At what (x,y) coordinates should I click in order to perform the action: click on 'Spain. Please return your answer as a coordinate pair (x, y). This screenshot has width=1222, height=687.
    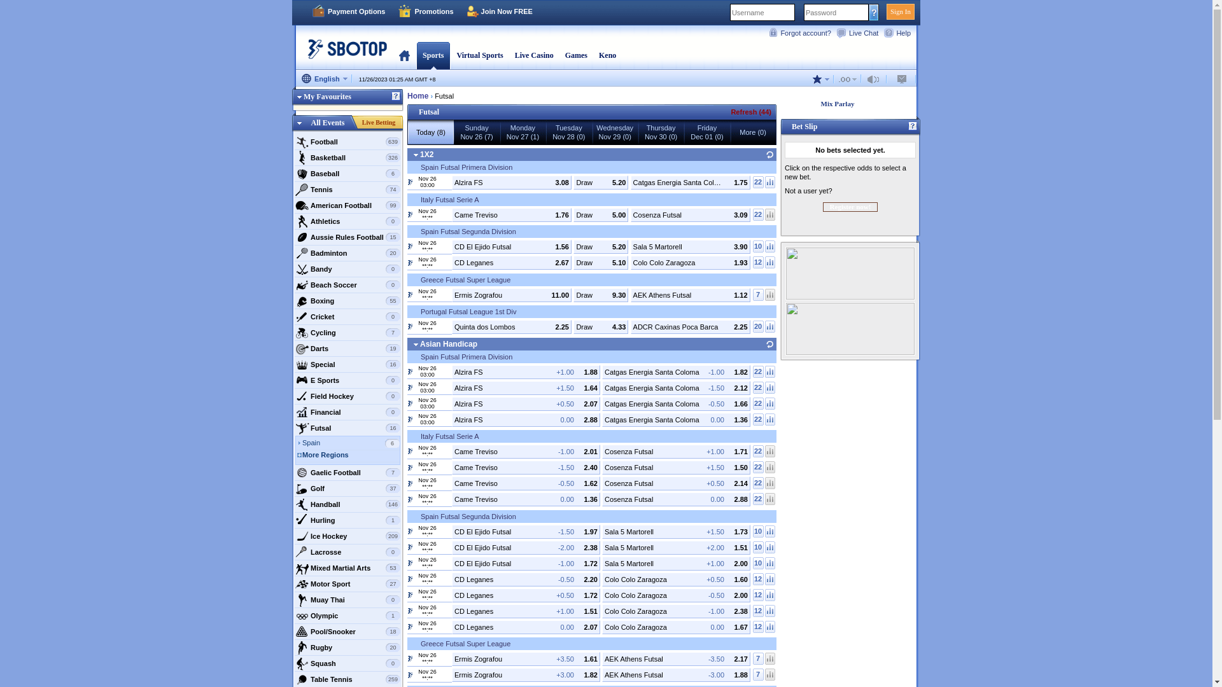
    Looking at the image, I should click on (351, 443).